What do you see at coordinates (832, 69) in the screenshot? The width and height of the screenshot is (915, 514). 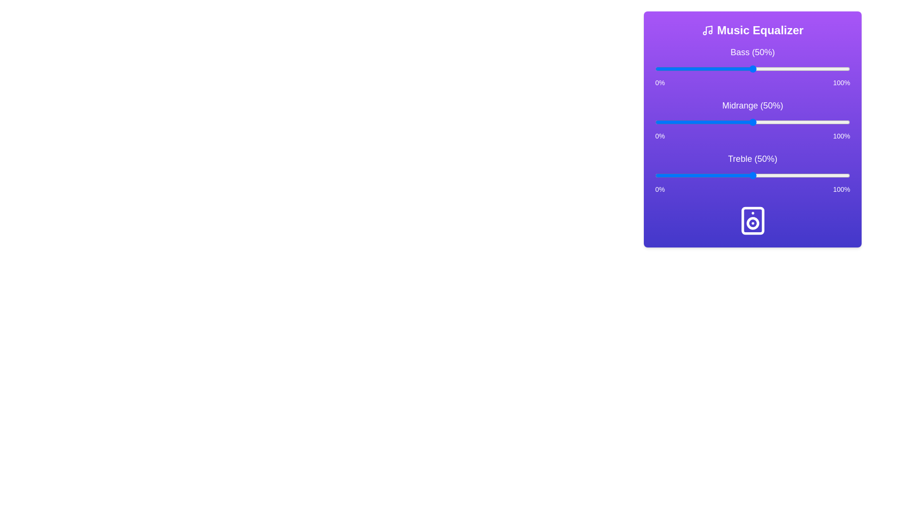 I see `the bass slider to 91%` at bounding box center [832, 69].